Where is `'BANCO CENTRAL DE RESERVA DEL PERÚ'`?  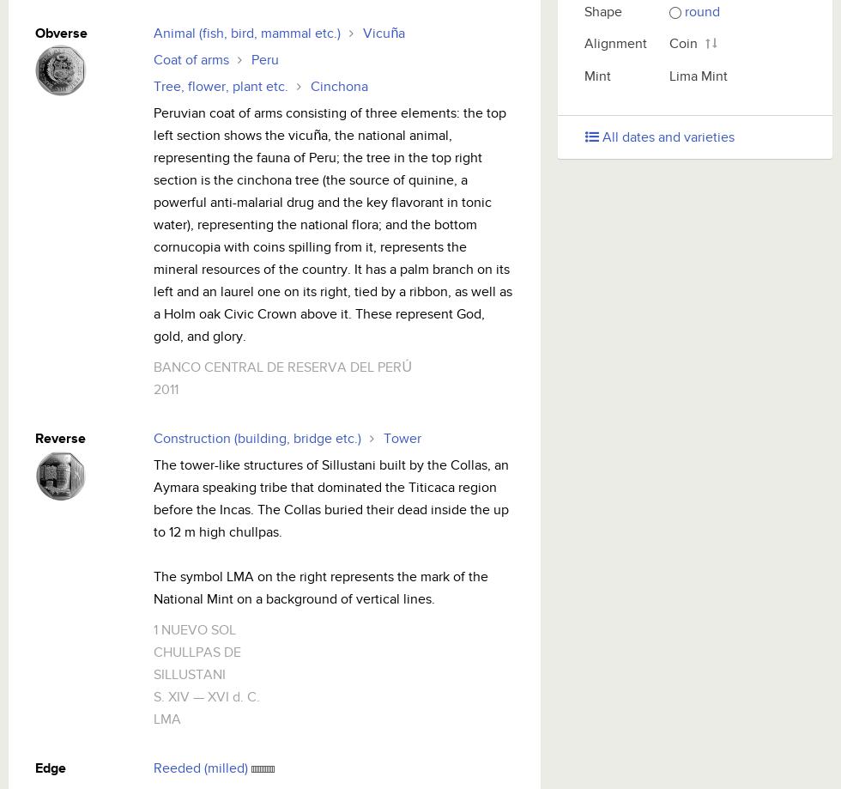
'BANCO CENTRAL DE RESERVA DEL PERÚ' is located at coordinates (154, 367).